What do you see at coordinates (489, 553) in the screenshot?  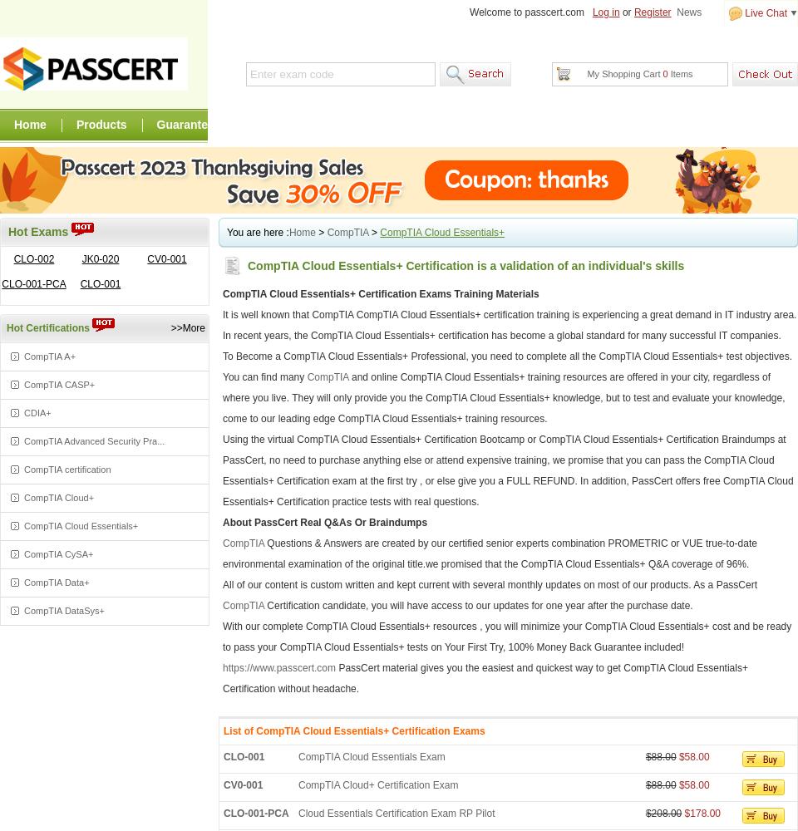 I see `'Questions & Answers are created by our certified senior experts combination PROMETRIC or VUE true-to-date environmental examination of the original title.we promised that the CompTIA Cloud Essentials+ Q&A coverage of 96%.'` at bounding box center [489, 553].